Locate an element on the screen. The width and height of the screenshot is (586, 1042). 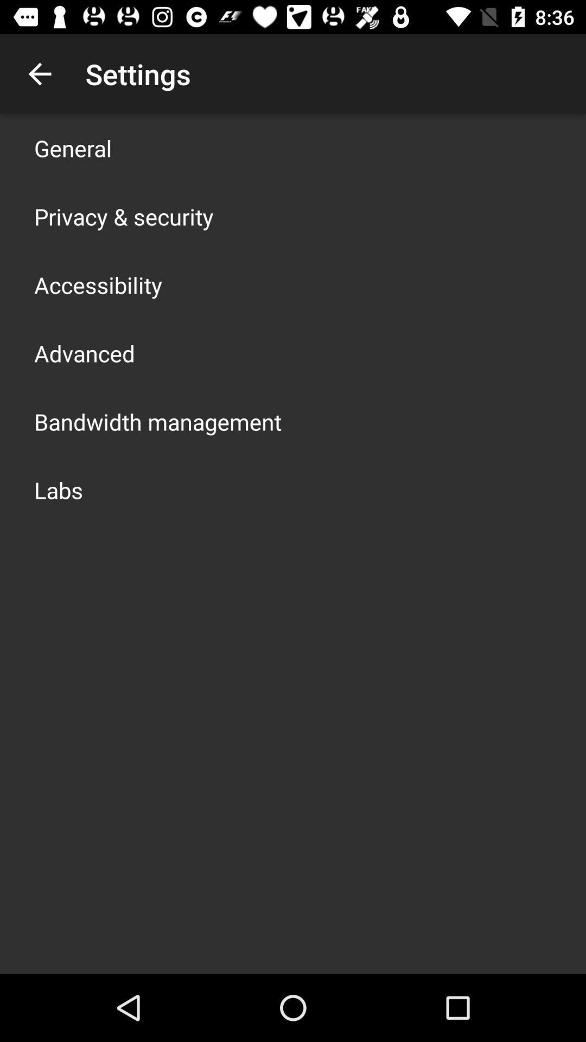
icon above general item is located at coordinates (39, 73).